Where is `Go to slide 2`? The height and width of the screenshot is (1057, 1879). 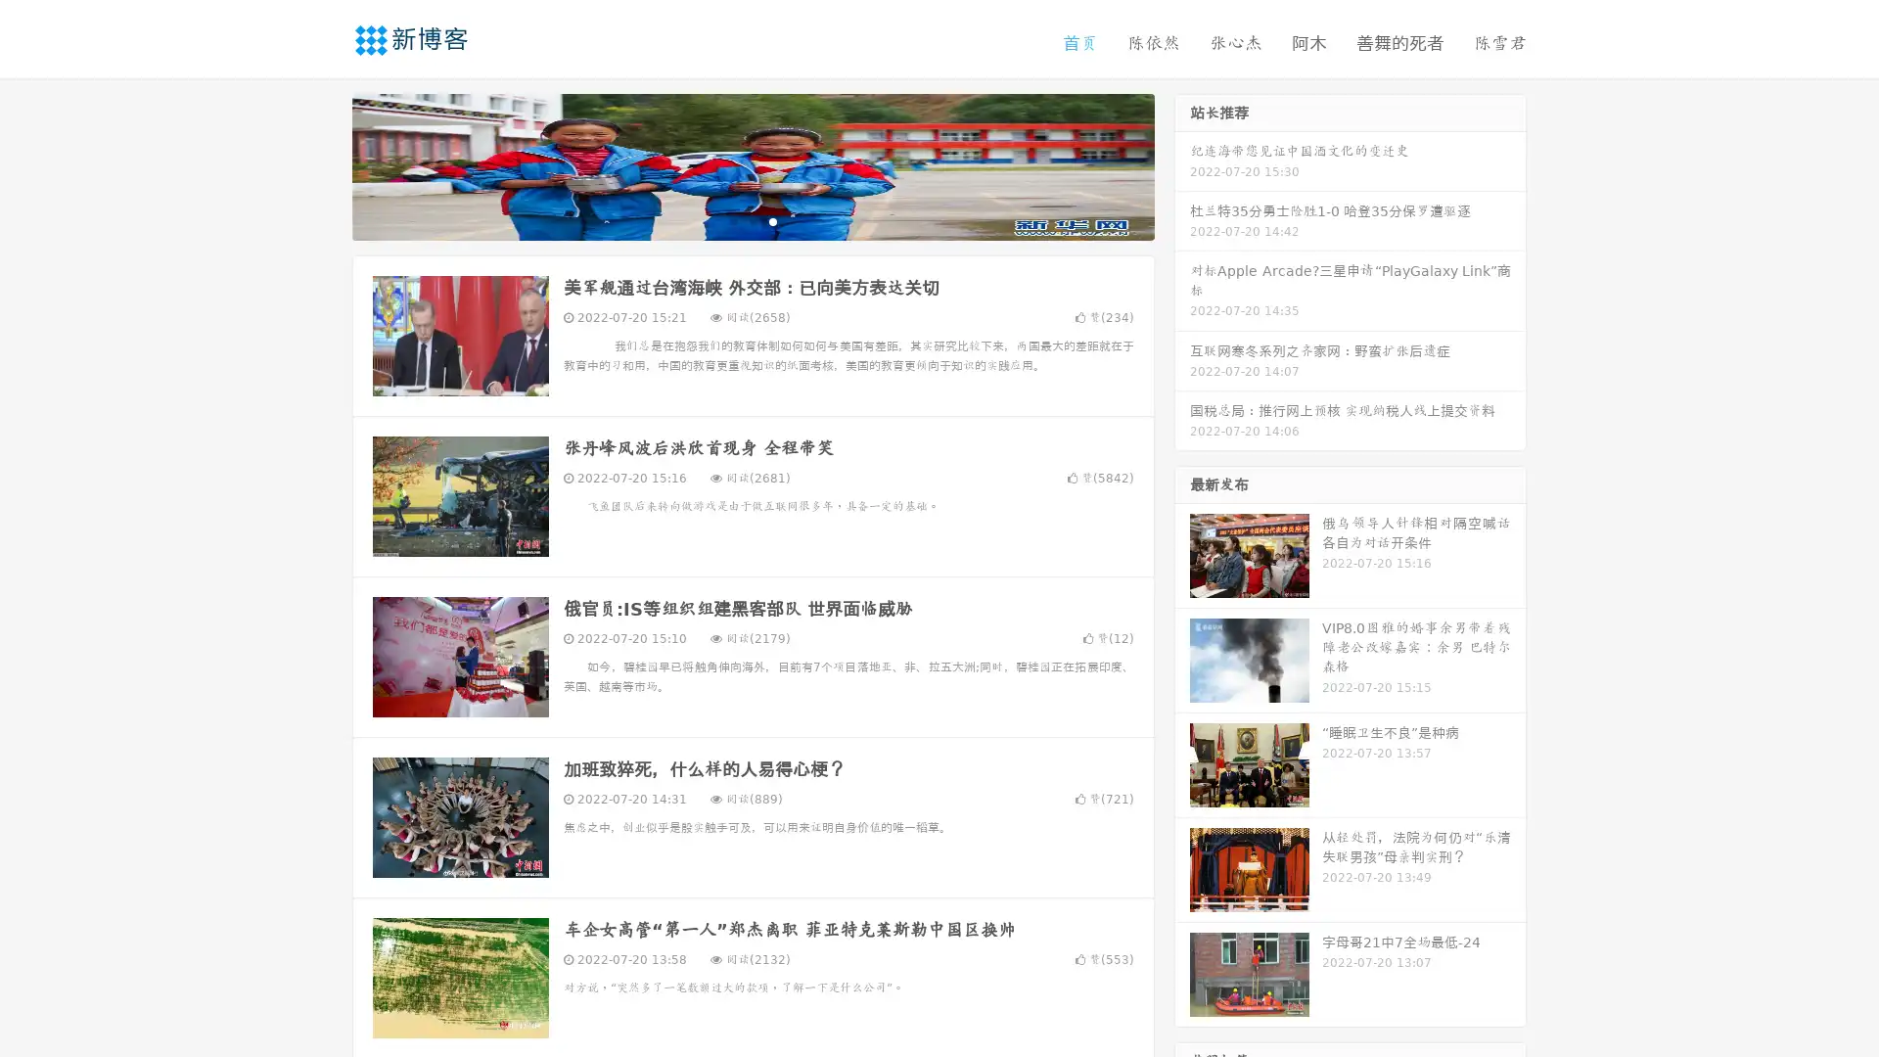 Go to slide 2 is located at coordinates (752, 220).